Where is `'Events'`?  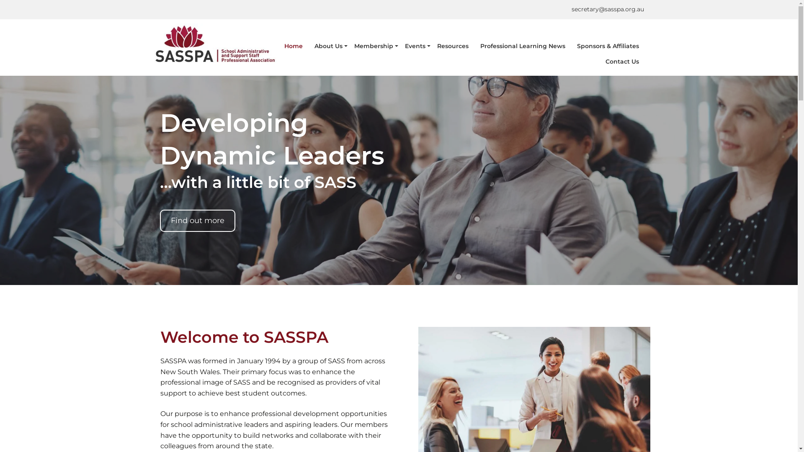 'Events' is located at coordinates (415, 46).